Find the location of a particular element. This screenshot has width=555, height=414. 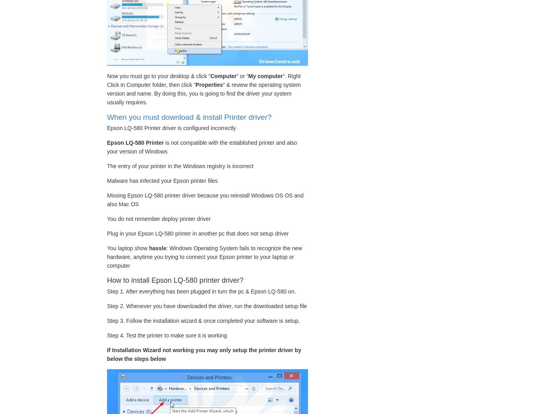

'How to install Epson LQ-580 printer driver?' is located at coordinates (107, 280).